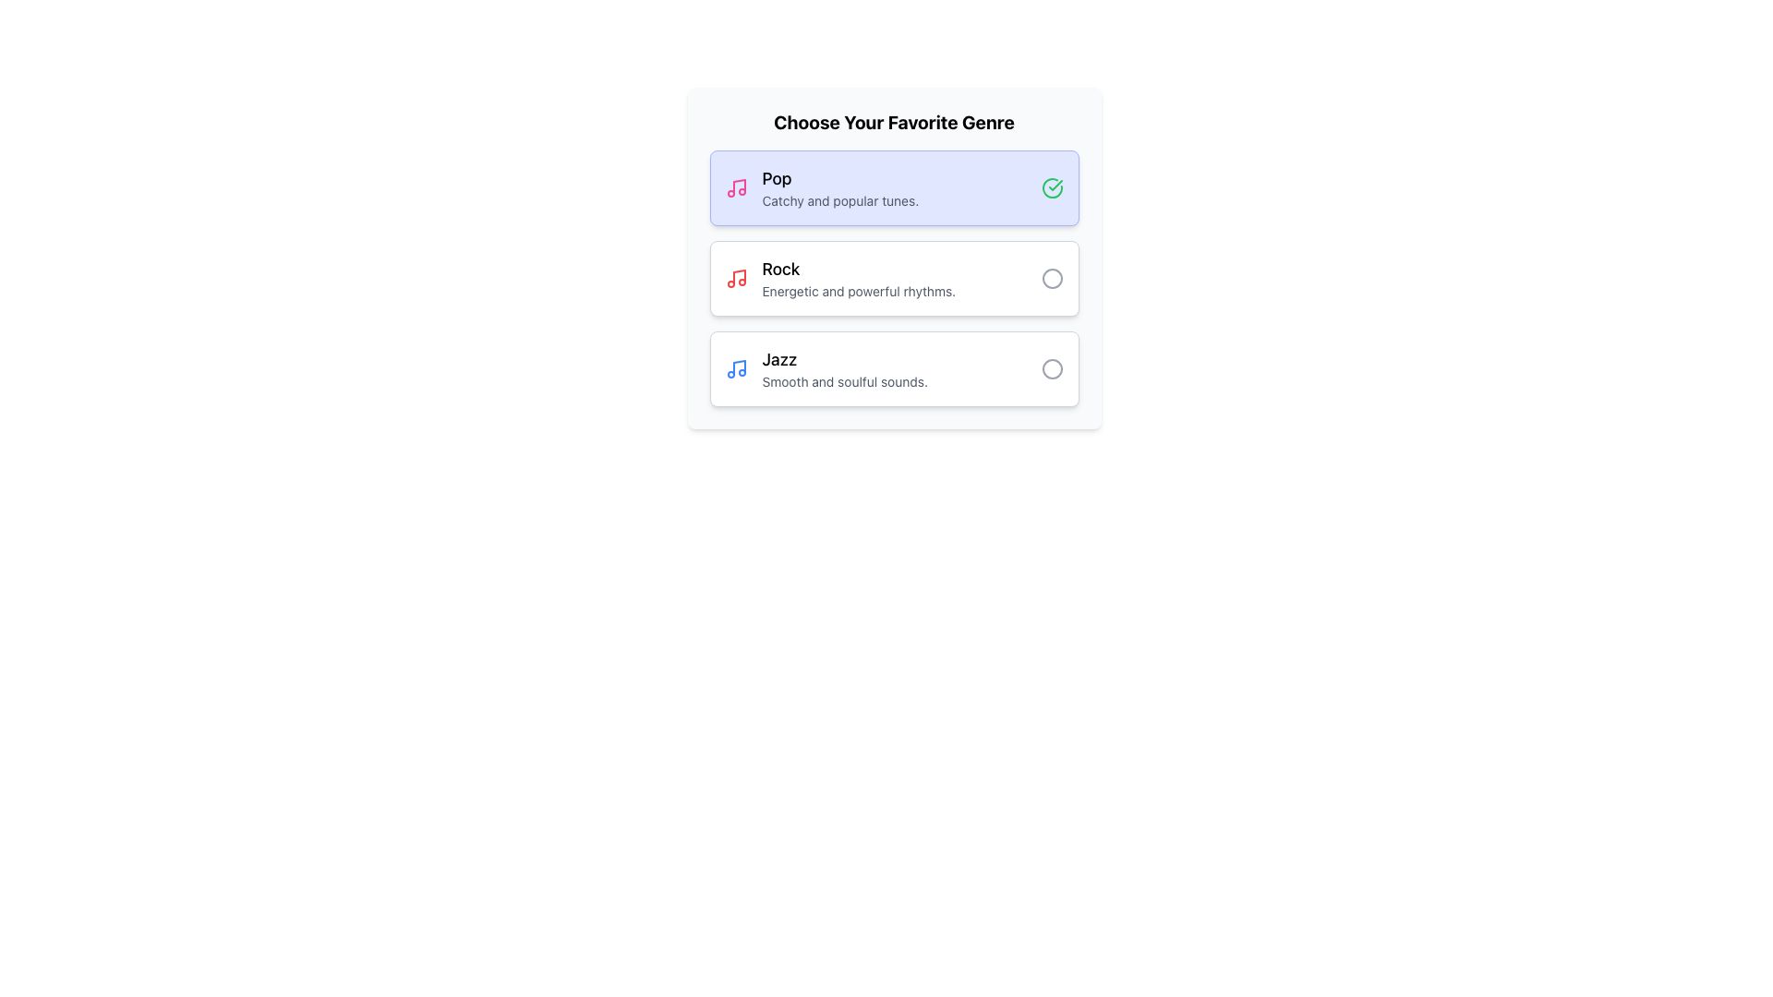  I want to click on the text label displaying 'Energetic and powerful rhythms' which is a subtitle beneath the bold heading 'Rock' in the genre list, so click(901, 291).